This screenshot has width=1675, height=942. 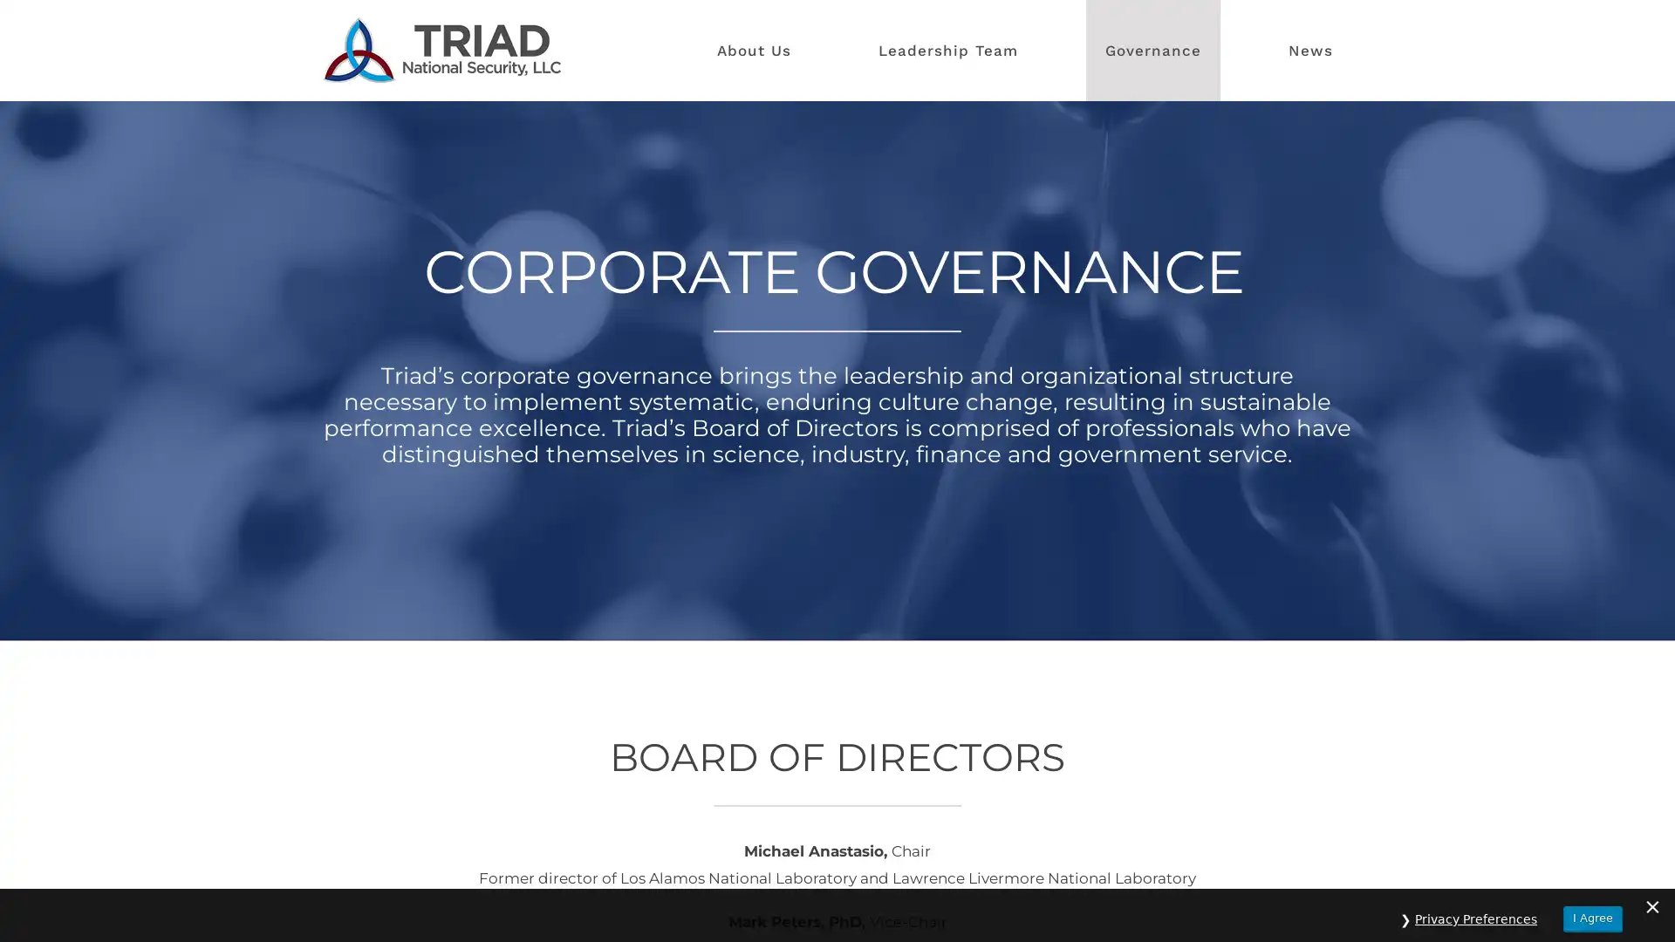 I want to click on Privacy Preferences, so click(x=1475, y=910).